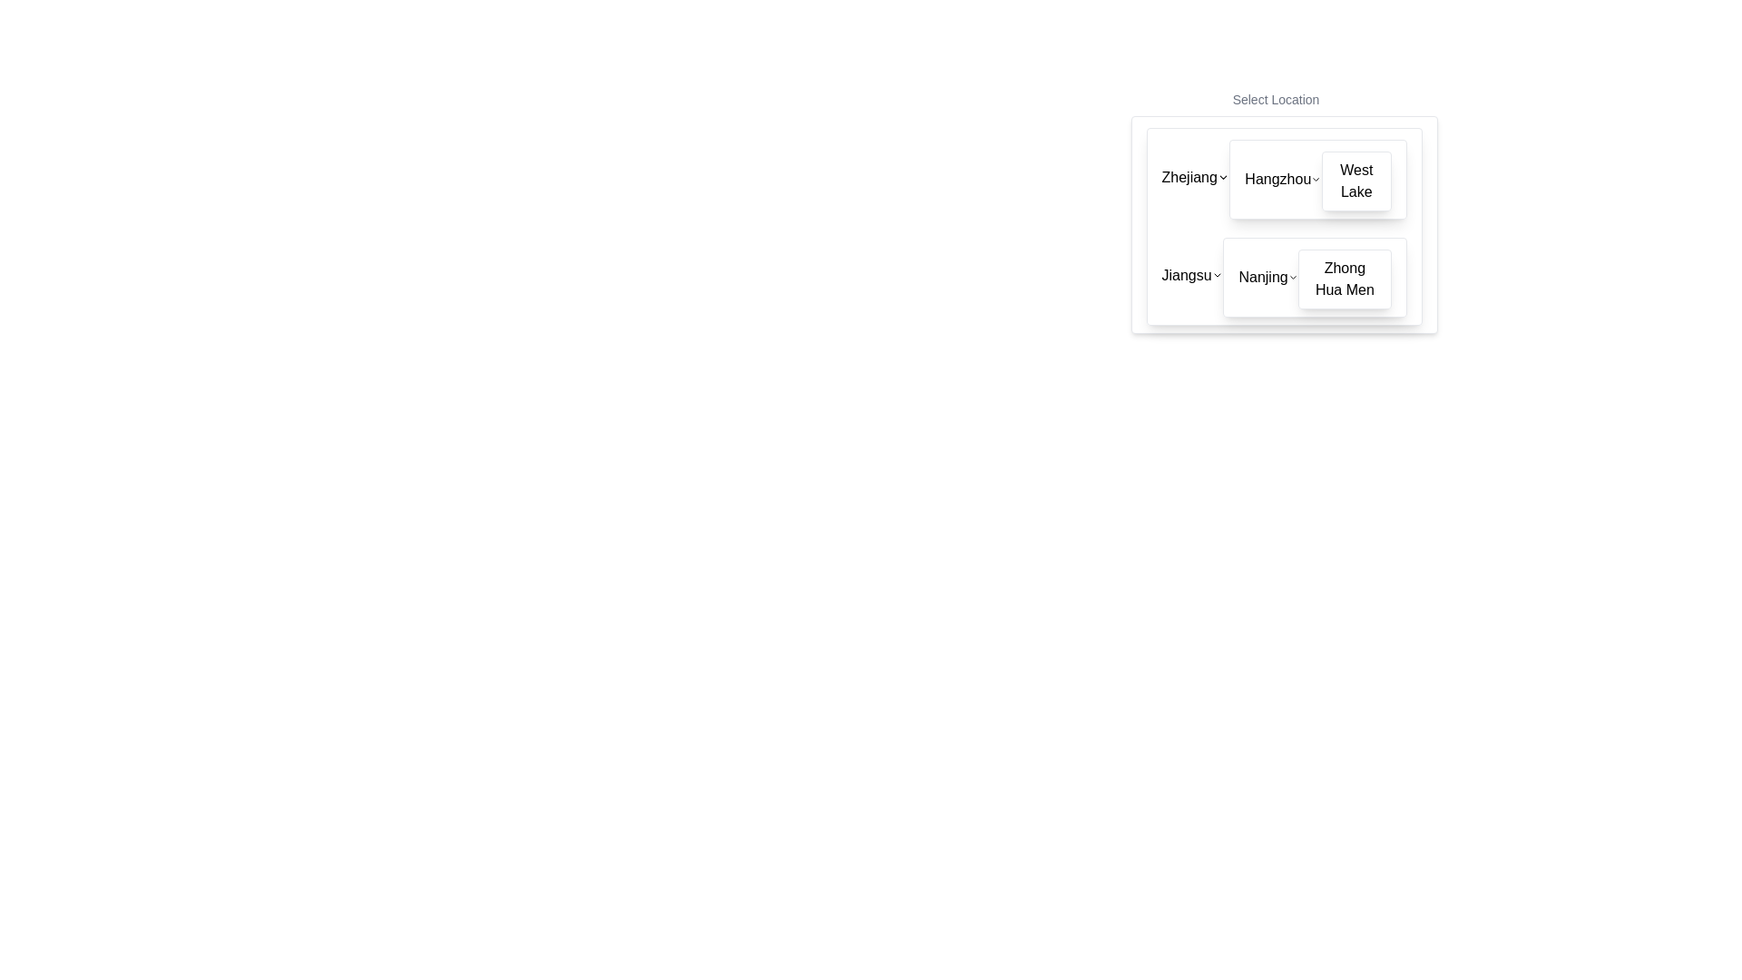  I want to click on the chevron icon next to 'Nanjing', so click(1292, 277).